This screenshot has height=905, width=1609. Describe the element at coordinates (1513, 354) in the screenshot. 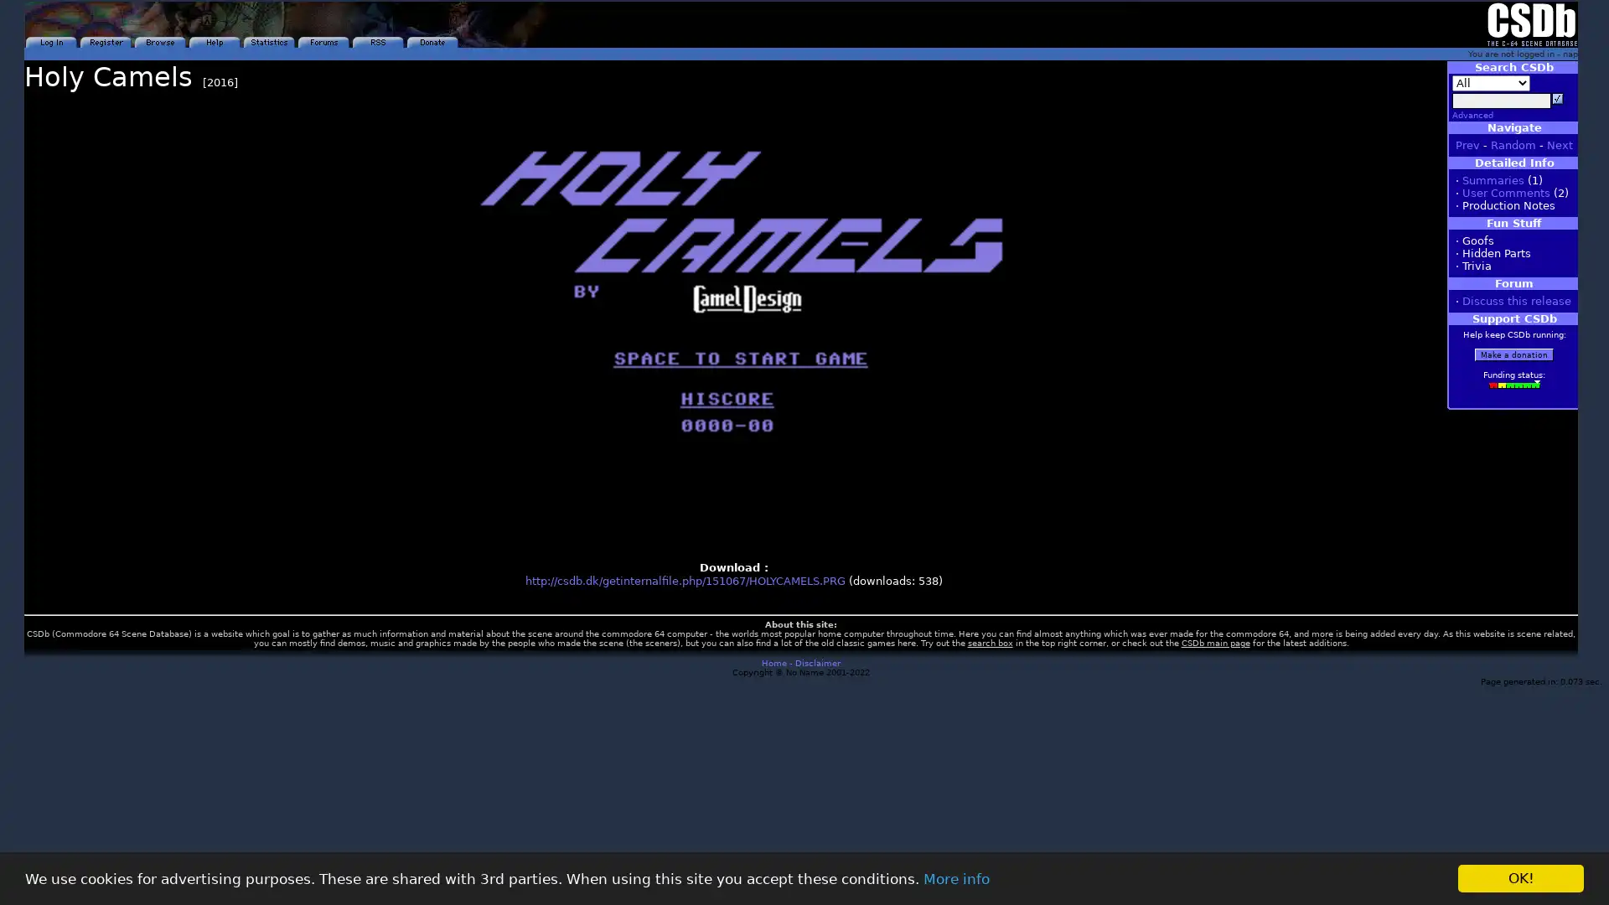

I see `Make a donation` at that location.